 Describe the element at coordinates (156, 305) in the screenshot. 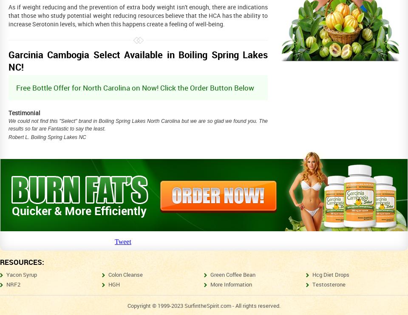

I see `'Copyright © 1999-2023'` at that location.